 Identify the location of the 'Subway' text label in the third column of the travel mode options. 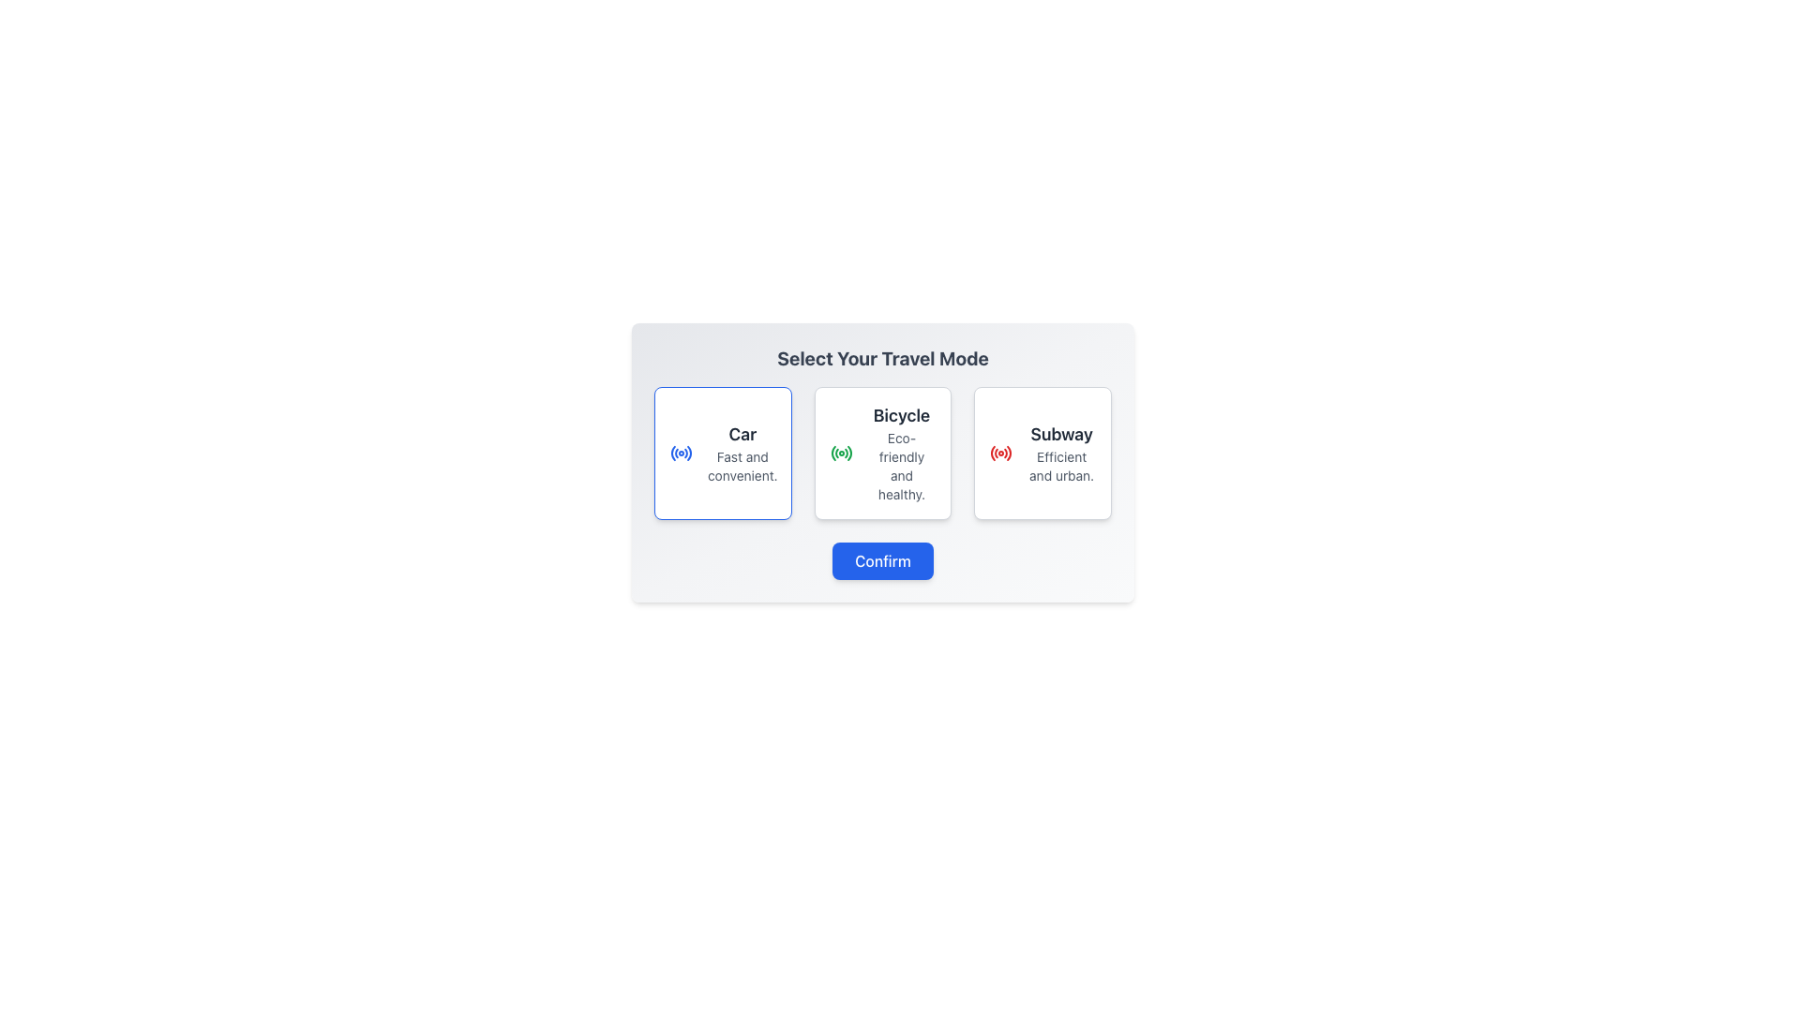
(1061, 434).